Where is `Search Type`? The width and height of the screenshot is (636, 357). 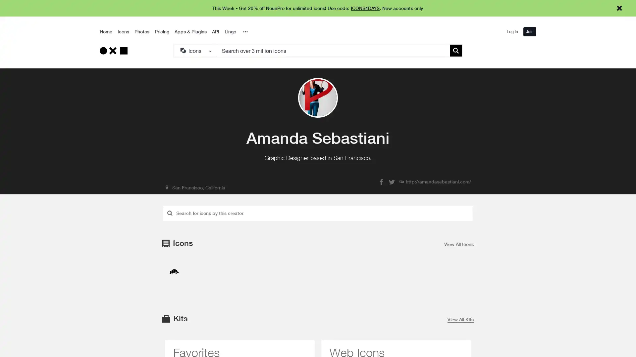 Search Type is located at coordinates (195, 50).